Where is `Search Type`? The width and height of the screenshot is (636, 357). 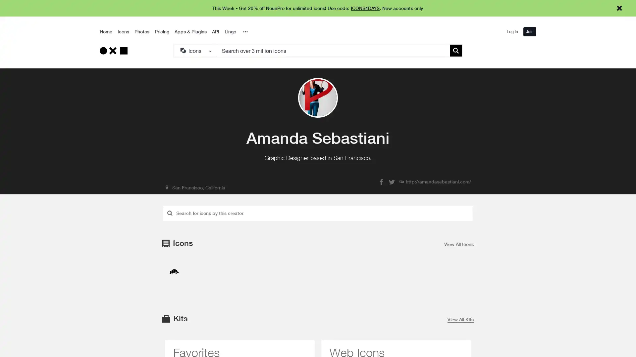 Search Type is located at coordinates (195, 50).